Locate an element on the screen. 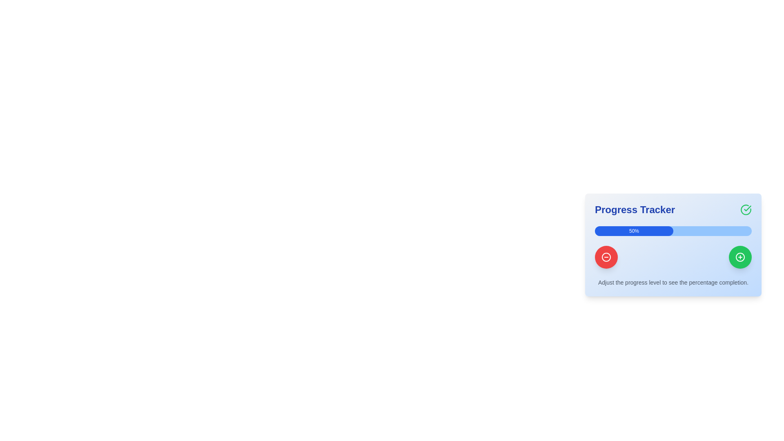 The width and height of the screenshot is (784, 441). the completion status icon located at the top-right corner of the 'Progress Tracker' section, aligned with the title text 'Progress Tracker.' is located at coordinates (746, 209).